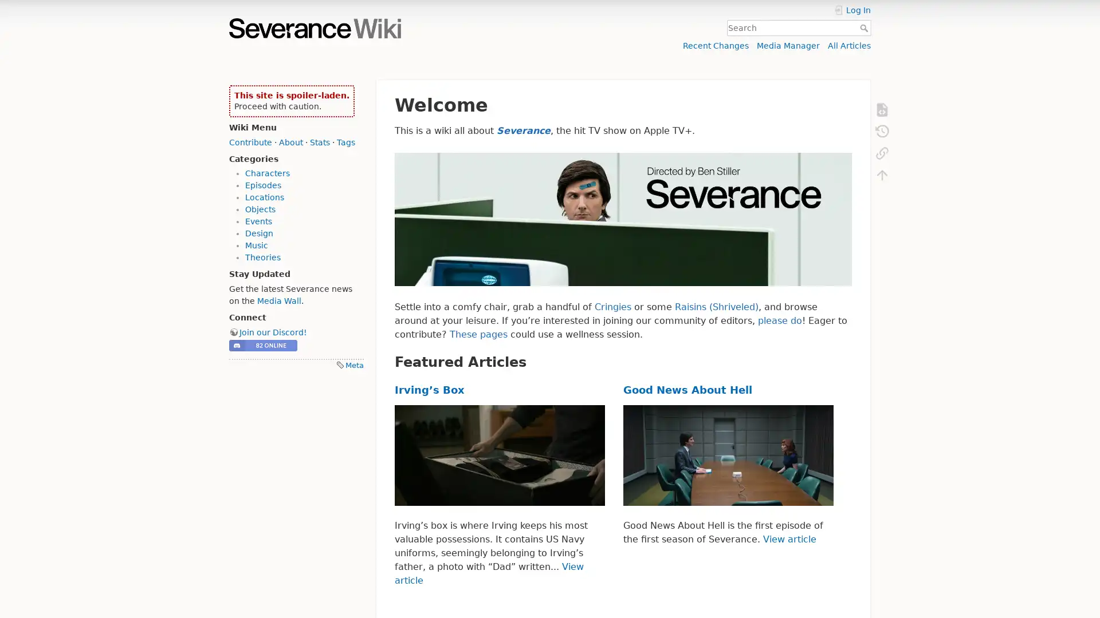 Image resolution: width=1100 pixels, height=618 pixels. What do you see at coordinates (865, 27) in the screenshot?
I see `Search` at bounding box center [865, 27].